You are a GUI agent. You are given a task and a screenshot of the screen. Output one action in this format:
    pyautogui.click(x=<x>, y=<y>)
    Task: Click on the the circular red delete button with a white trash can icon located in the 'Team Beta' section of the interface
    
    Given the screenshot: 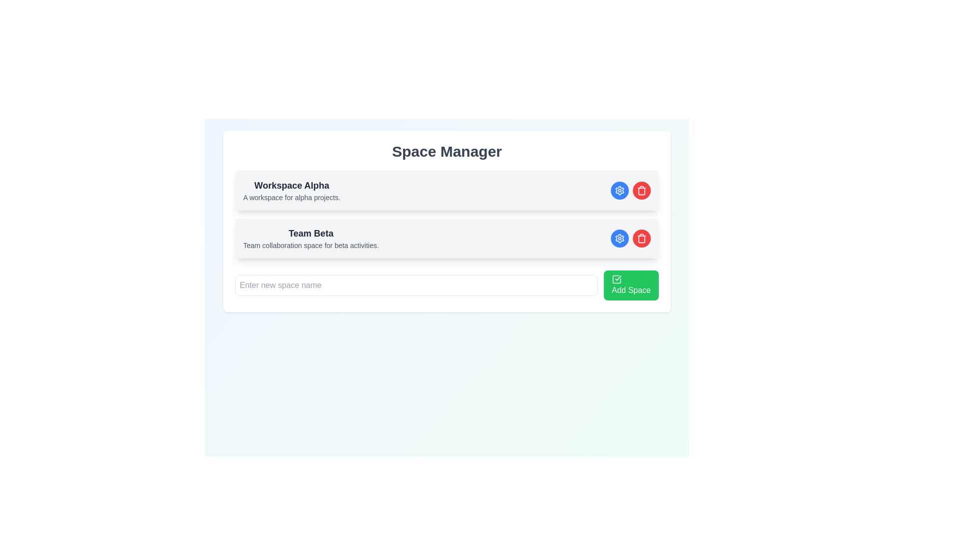 What is the action you would take?
    pyautogui.click(x=642, y=239)
    